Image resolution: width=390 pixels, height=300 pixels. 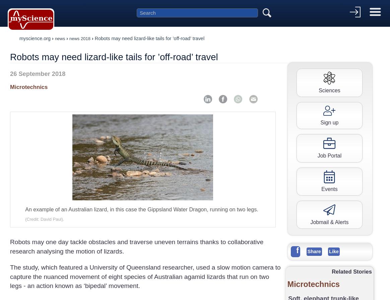 I want to click on 'Robots may one day tackle obstacles and traverse uneven terrains thanks to collaborative research analysing the motion of lizards.', so click(x=10, y=246).